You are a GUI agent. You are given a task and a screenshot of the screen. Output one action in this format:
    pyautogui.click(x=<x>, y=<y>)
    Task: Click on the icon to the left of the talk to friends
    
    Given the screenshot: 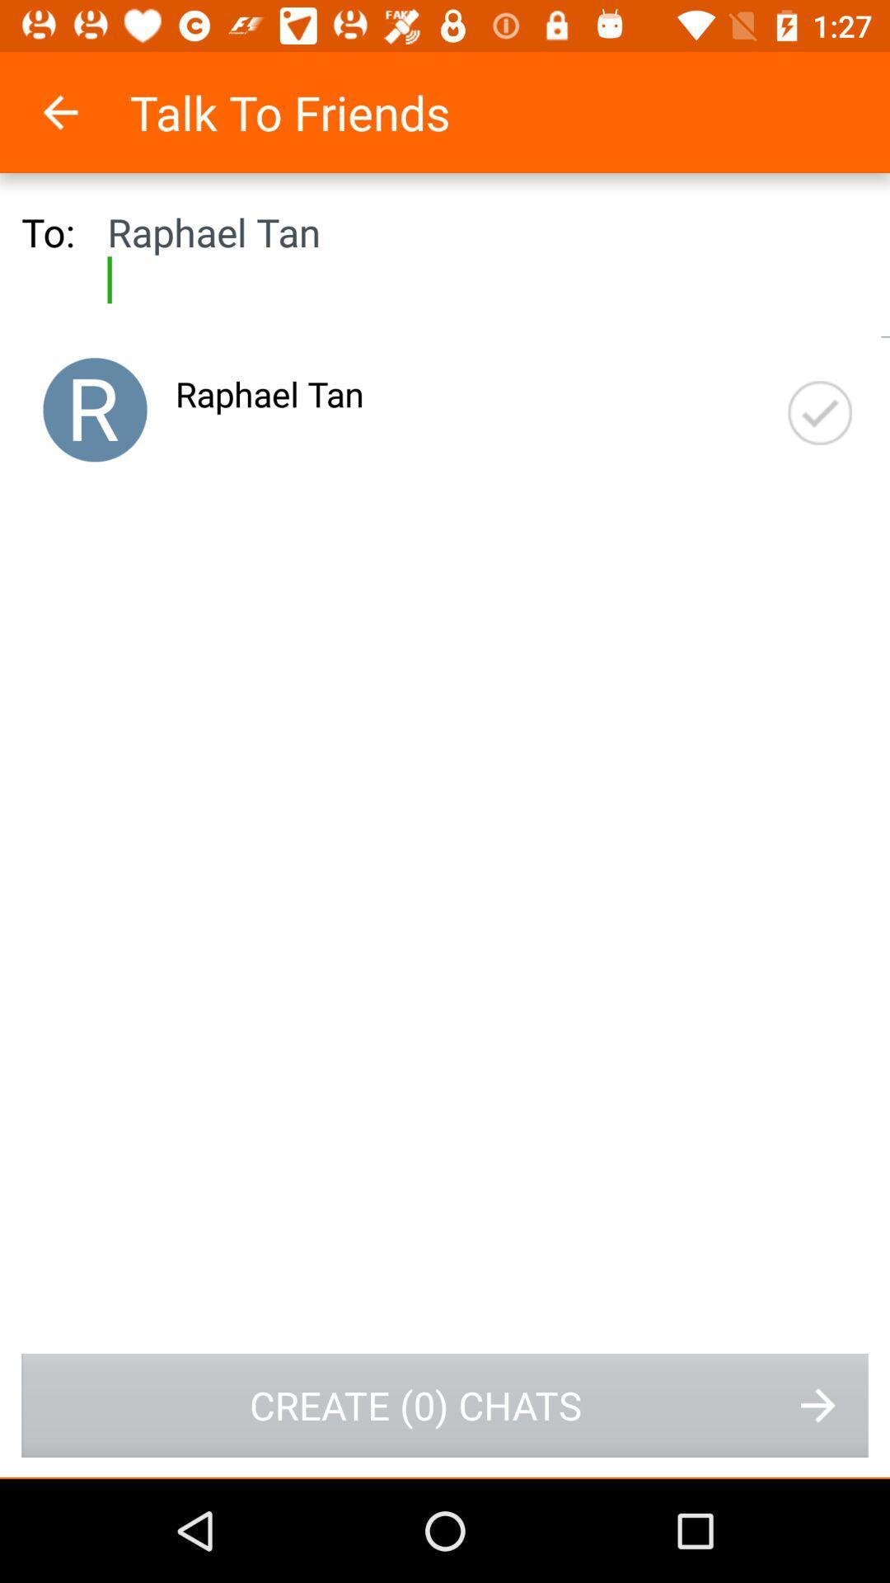 What is the action you would take?
    pyautogui.click(x=82, y=111)
    